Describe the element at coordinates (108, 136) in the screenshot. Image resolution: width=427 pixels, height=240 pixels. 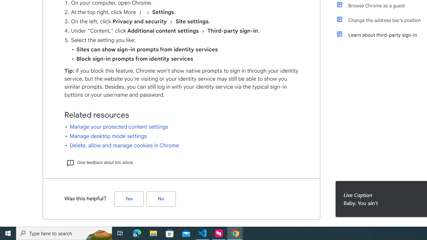
I see `'Manage desktop mode settings'` at that location.